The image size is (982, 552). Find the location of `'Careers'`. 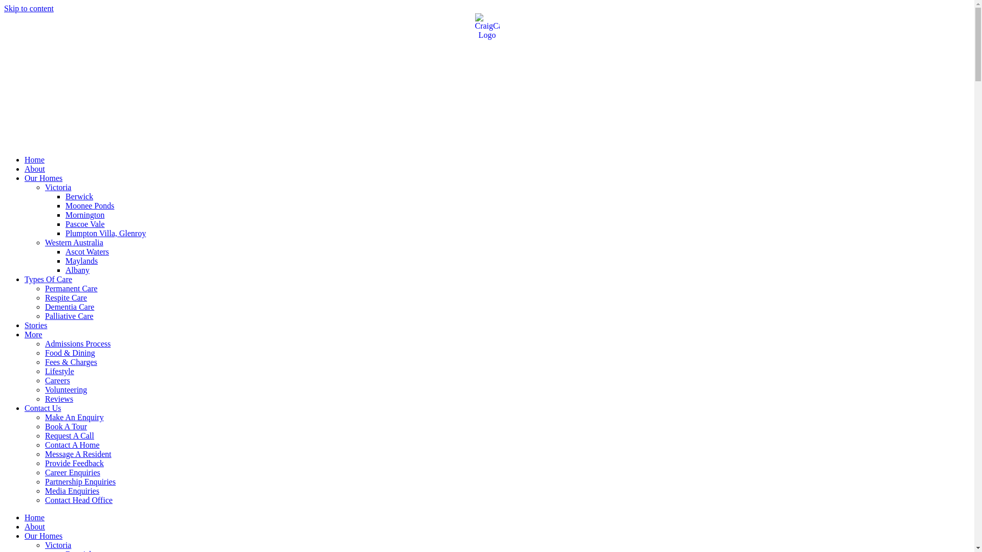

'Careers' is located at coordinates (57, 380).